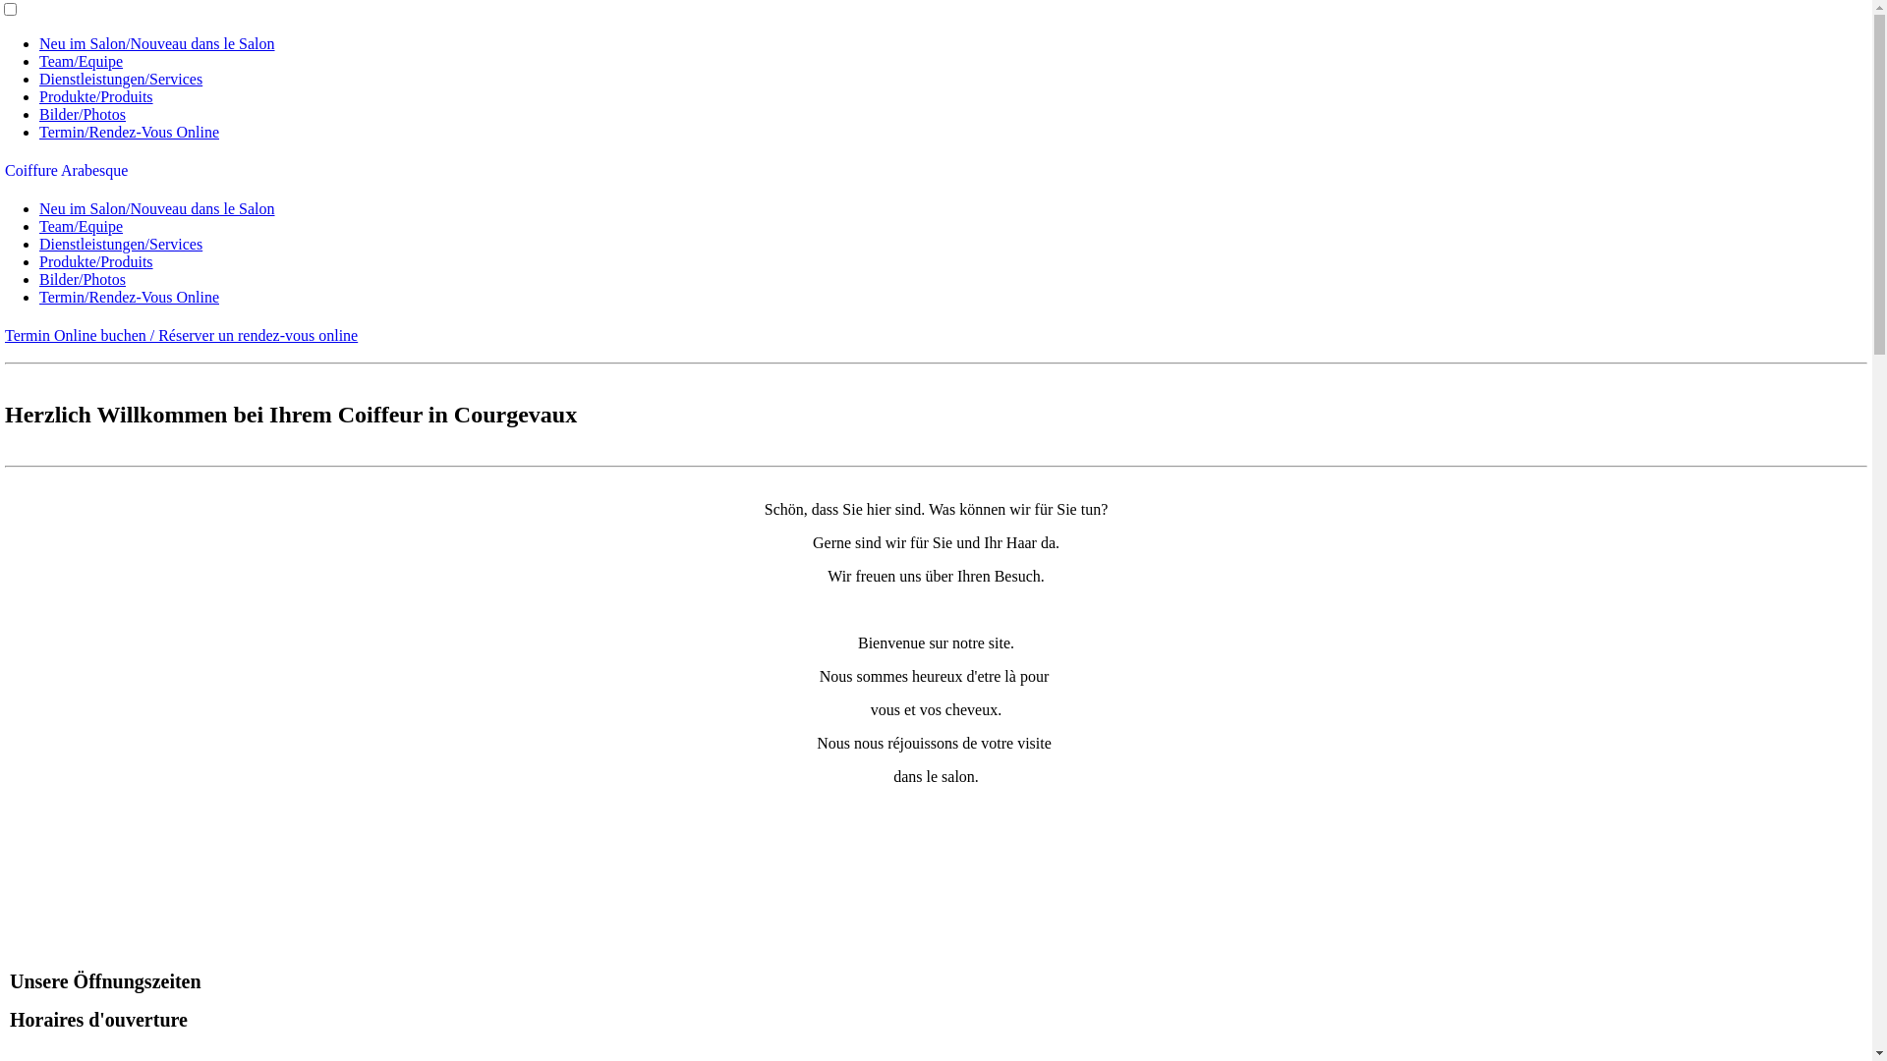  I want to click on 'Dienstleistungen/Services', so click(120, 78).